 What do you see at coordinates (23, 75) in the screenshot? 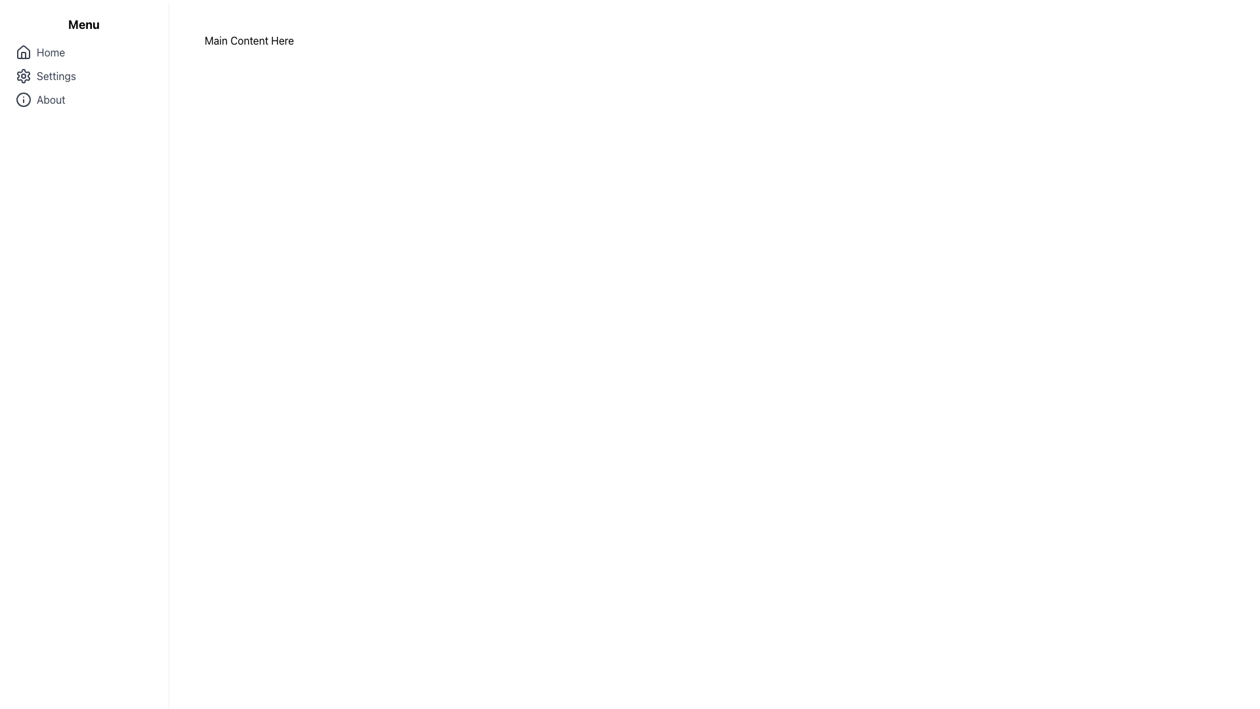
I see `the settings icon located in the left navigation menu, positioned second under the 'Home' icon and above the 'About' icon, which is associated with the 'Settings' label` at bounding box center [23, 75].